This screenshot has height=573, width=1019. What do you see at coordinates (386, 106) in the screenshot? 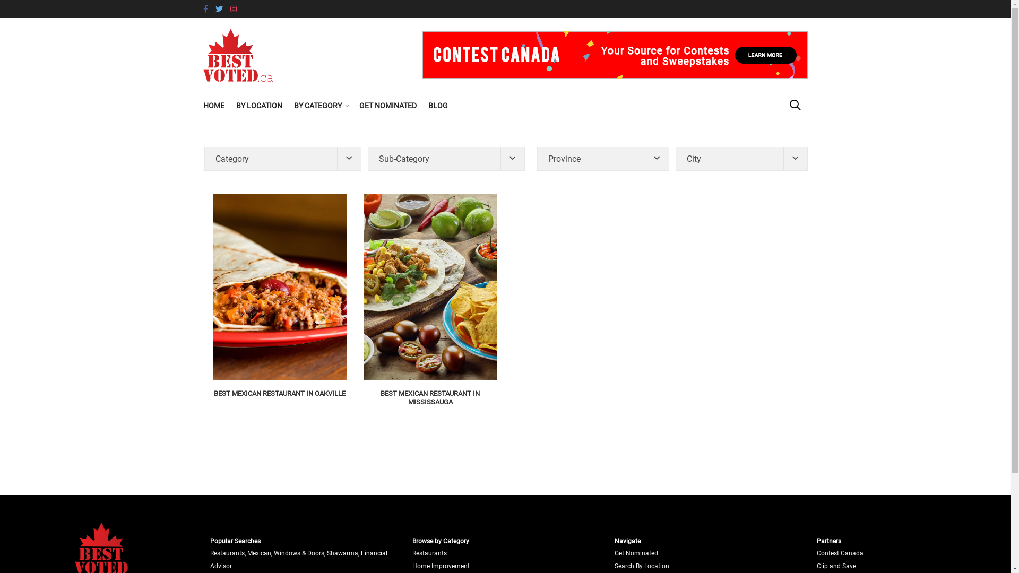
I see `'GET NOMINATED'` at bounding box center [386, 106].